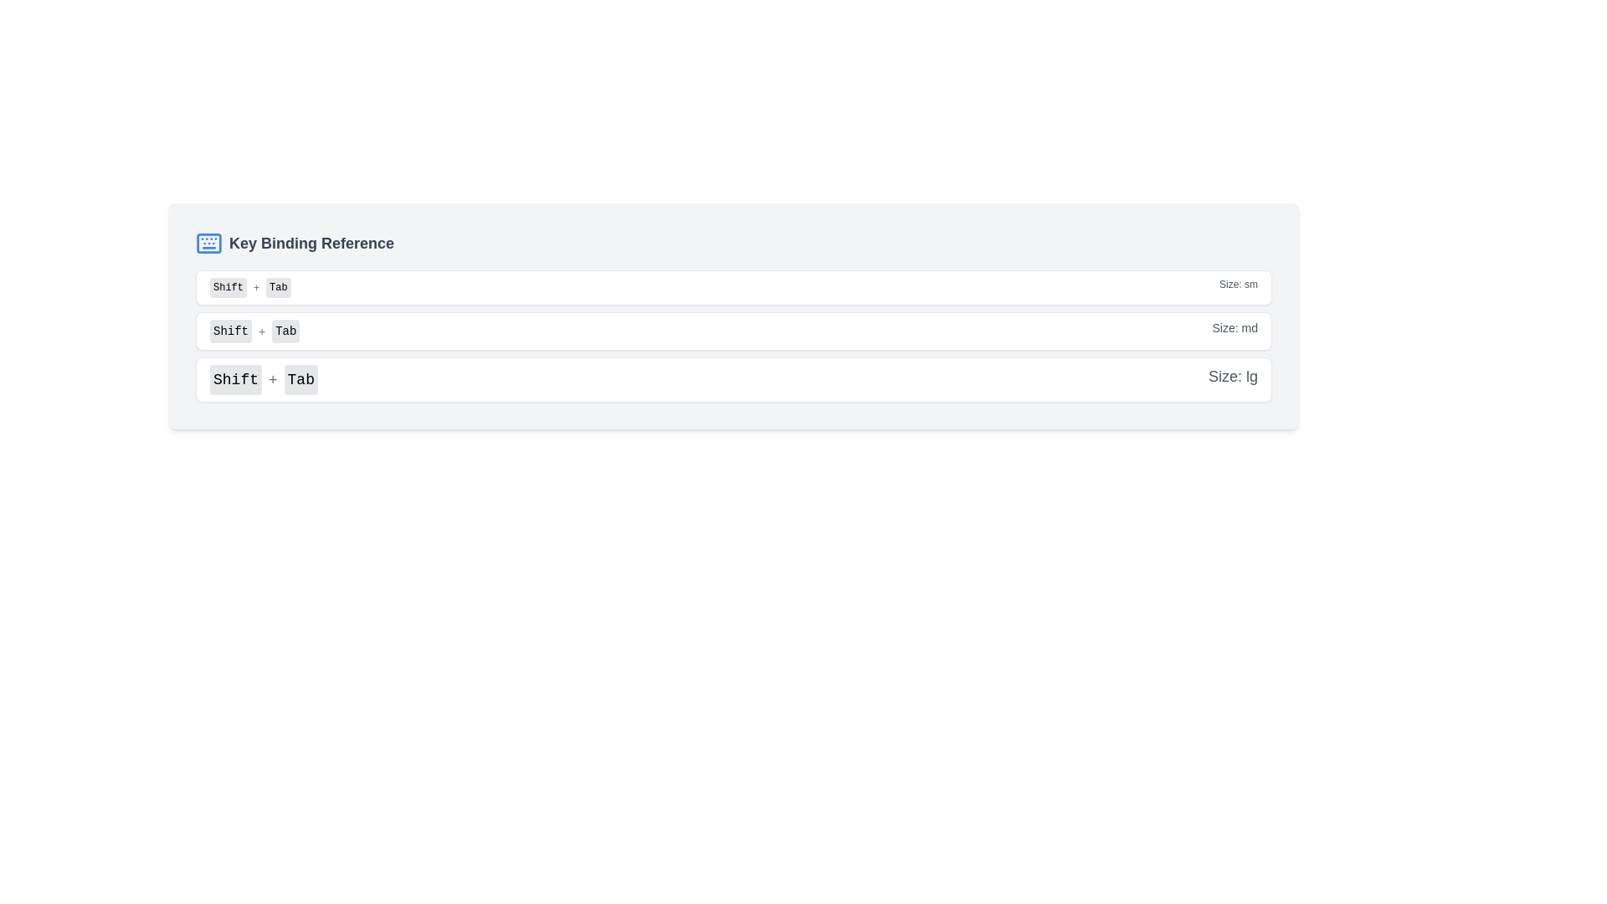  Describe the element at coordinates (208, 243) in the screenshot. I see `the icon for the 'Key Binding Reference' section located at the top left corner of its card, adjacent to the title` at that location.